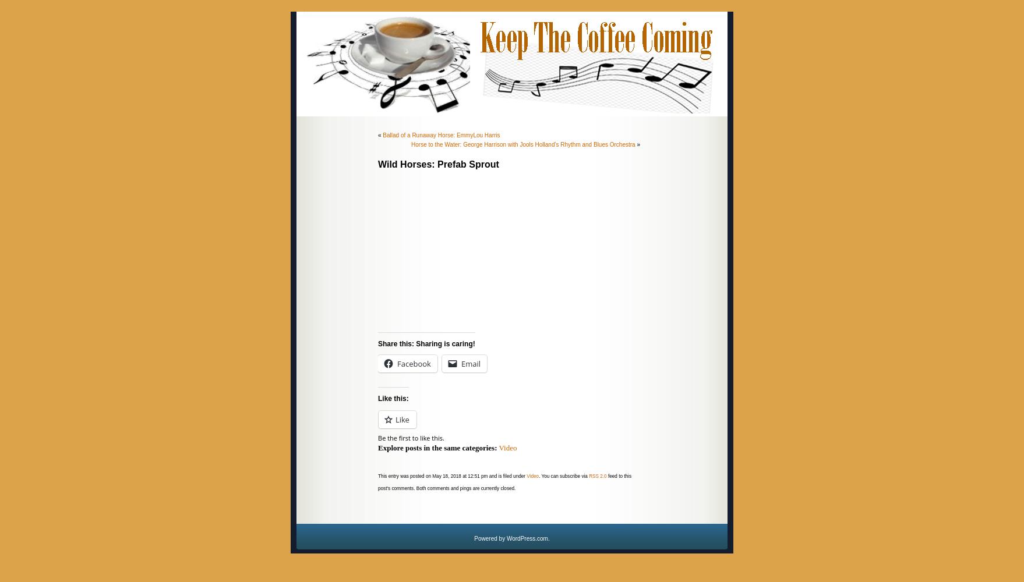  What do you see at coordinates (426, 343) in the screenshot?
I see `'Share this: Sharing is caring!'` at bounding box center [426, 343].